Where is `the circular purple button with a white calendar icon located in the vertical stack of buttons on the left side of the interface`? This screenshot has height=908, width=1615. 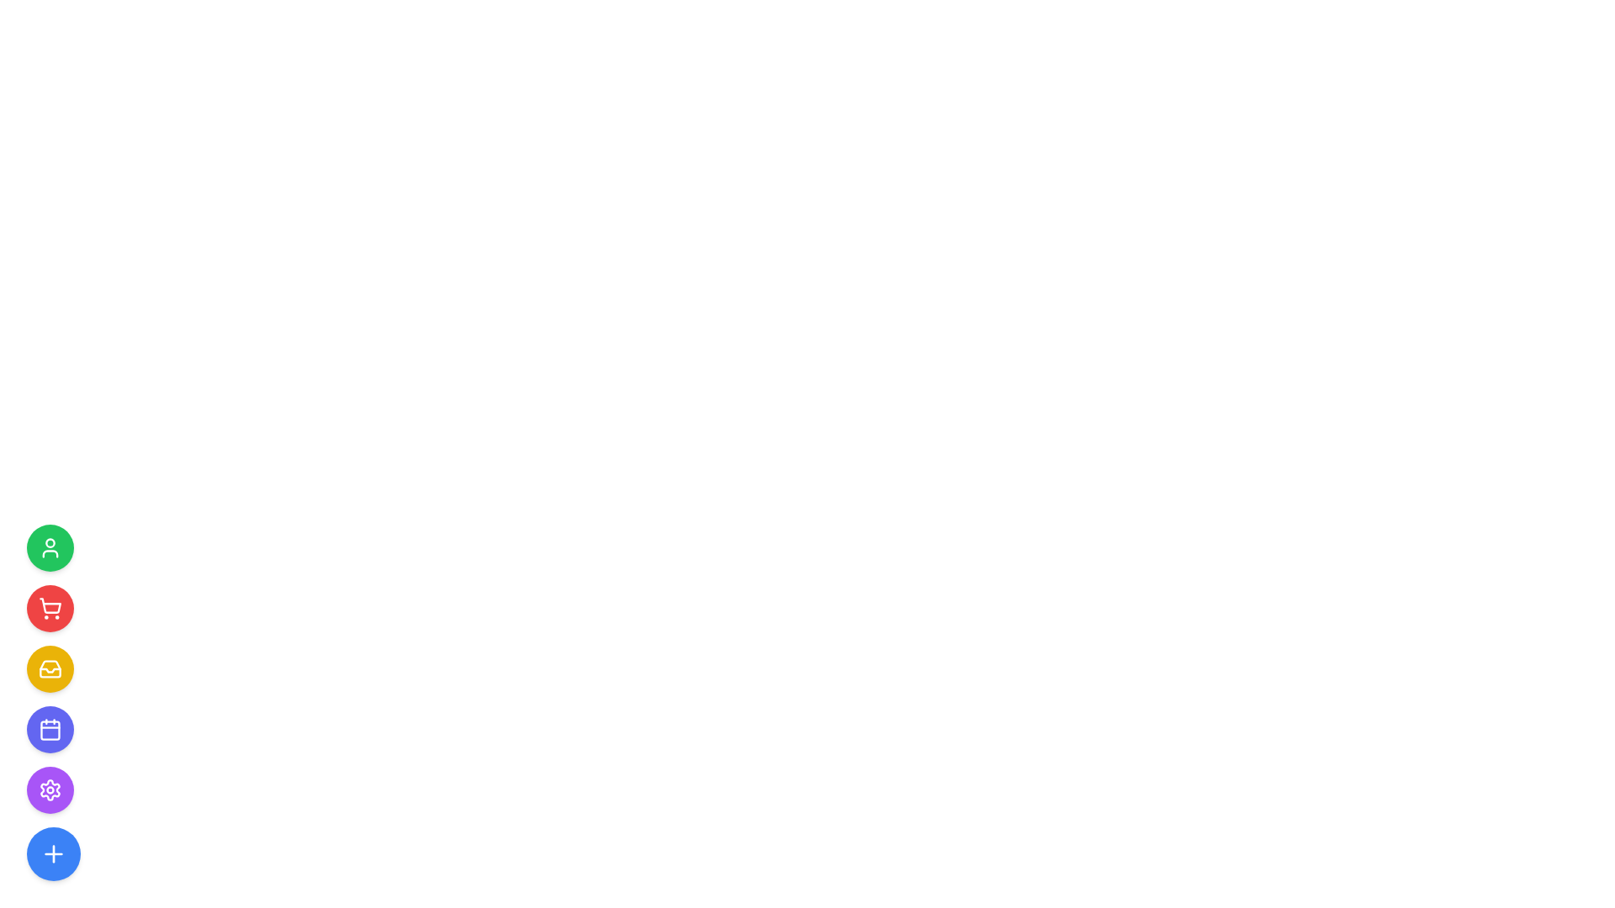
the circular purple button with a white calendar icon located in the vertical stack of buttons on the left side of the interface is located at coordinates (50, 728).